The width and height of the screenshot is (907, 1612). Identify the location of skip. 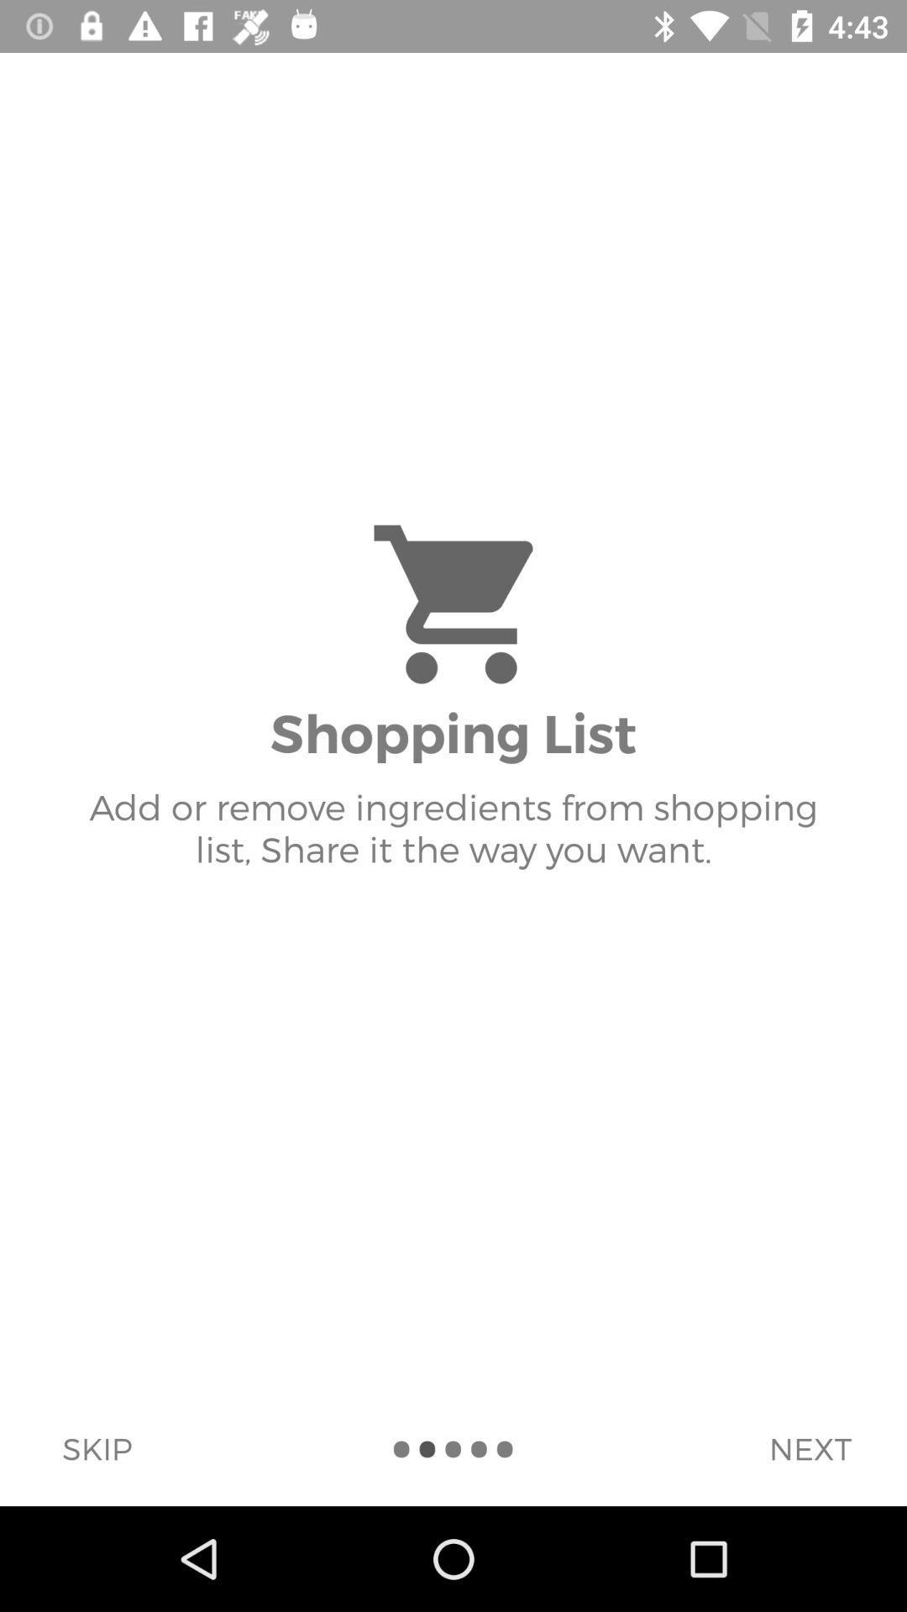
(97, 1447).